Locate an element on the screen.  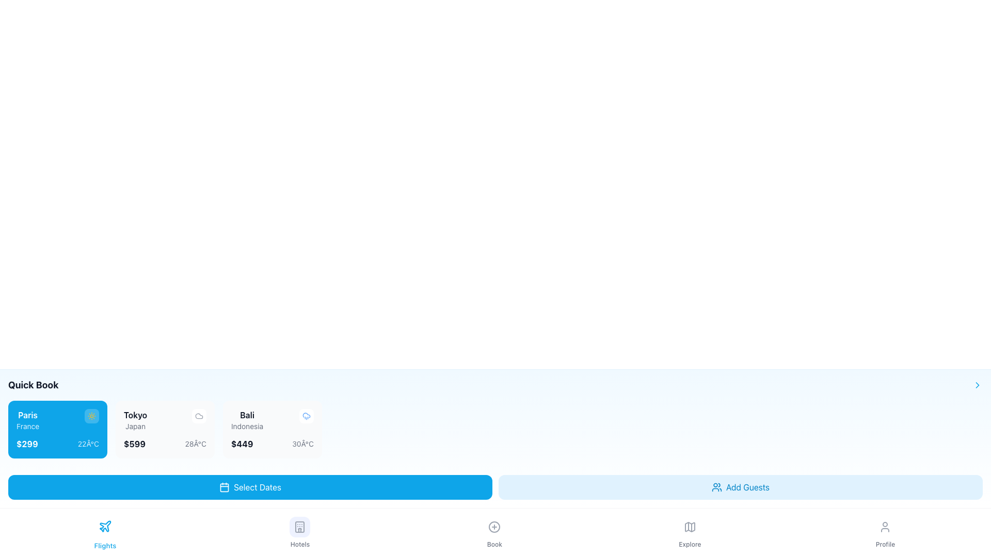
text label indicating the Flights navigation option, positioned in the bottom navigation bar between the 'Hotels' and 'Explore' icons, directly below a small plane-shaped icon is located at coordinates (105, 545).